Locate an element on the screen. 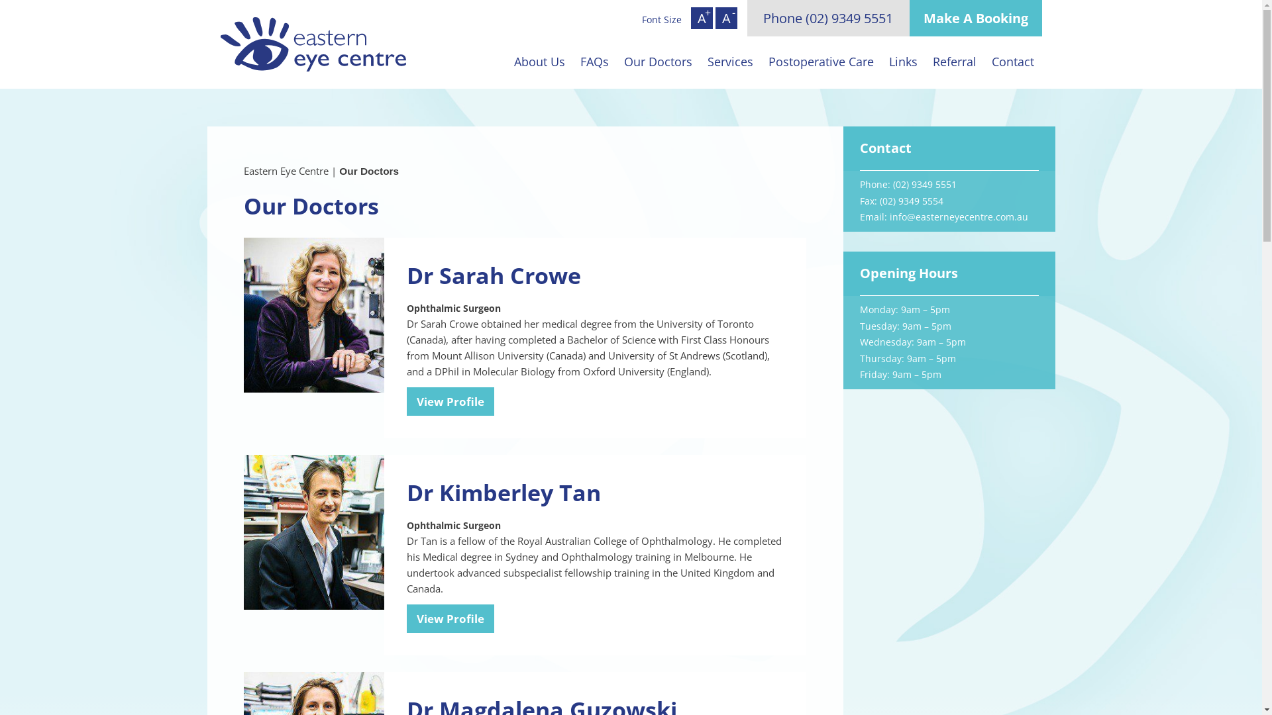 This screenshot has height=715, width=1272. 'Phone (02) 9349 5551' is located at coordinates (827, 18).